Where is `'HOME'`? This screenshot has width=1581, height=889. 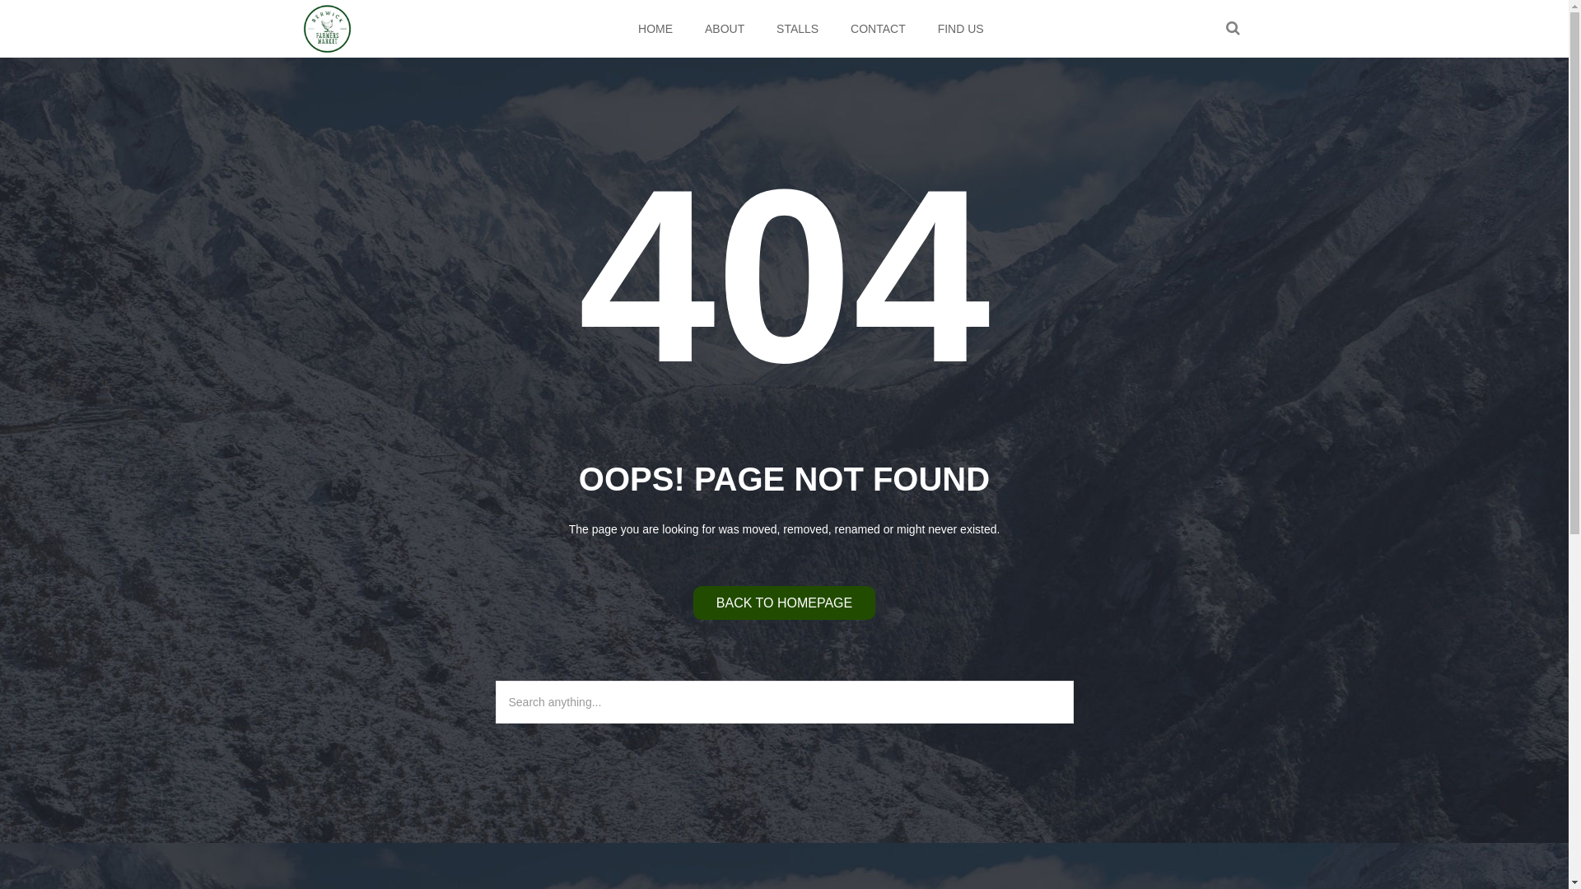
'HOME' is located at coordinates (655, 28).